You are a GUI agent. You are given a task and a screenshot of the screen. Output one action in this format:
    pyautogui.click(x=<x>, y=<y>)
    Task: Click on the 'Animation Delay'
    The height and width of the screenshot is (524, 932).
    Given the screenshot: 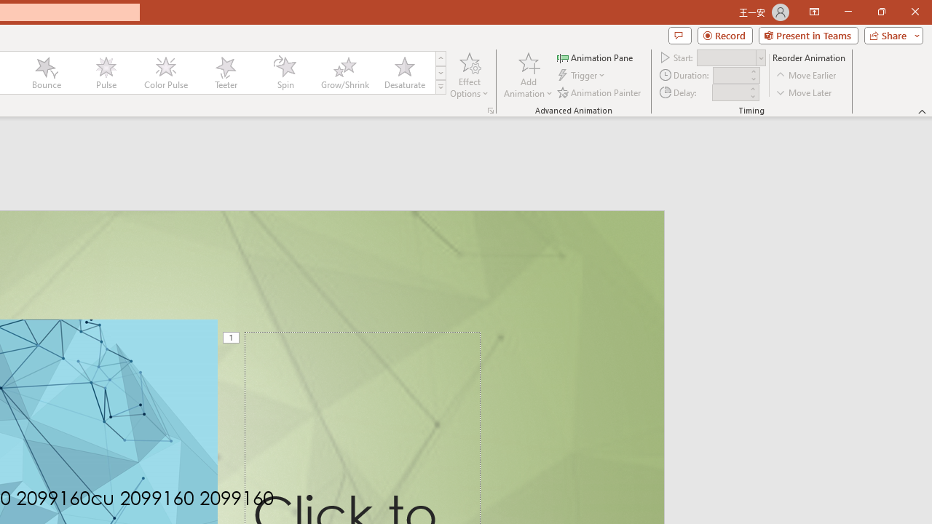 What is the action you would take?
    pyautogui.click(x=730, y=92)
    